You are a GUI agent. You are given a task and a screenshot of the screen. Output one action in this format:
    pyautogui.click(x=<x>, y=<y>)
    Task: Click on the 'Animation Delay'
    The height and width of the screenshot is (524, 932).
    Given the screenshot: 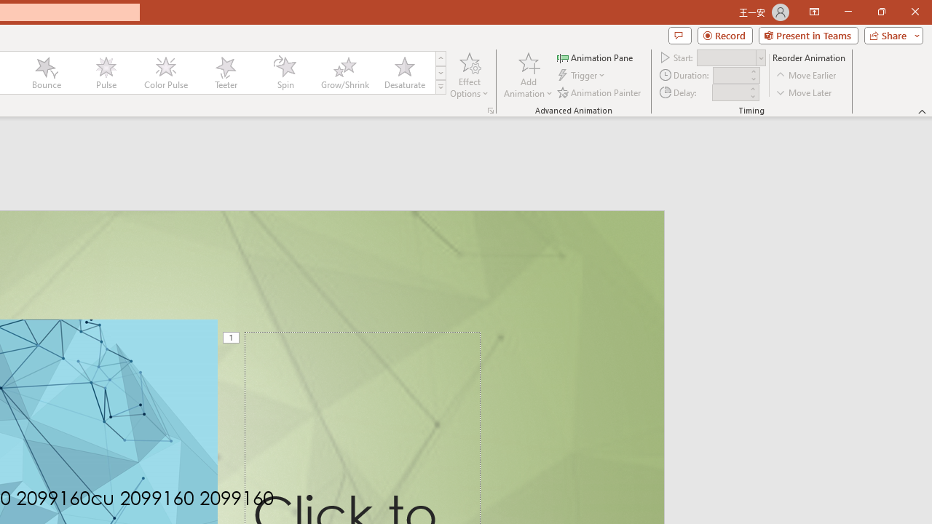 What is the action you would take?
    pyautogui.click(x=730, y=92)
    